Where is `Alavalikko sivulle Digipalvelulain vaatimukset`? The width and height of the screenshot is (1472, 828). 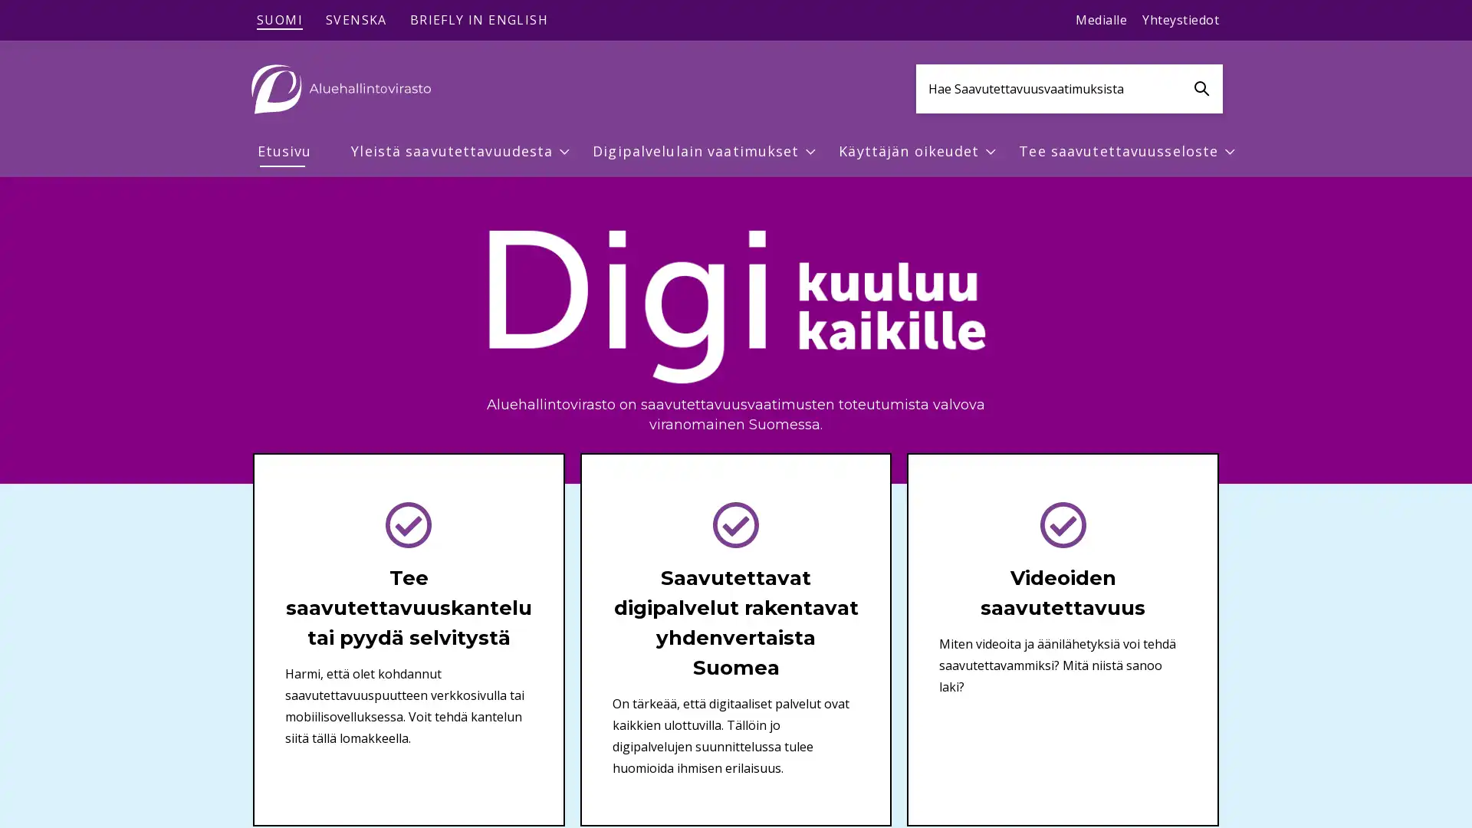
Alavalikko sivulle Digipalvelulain vaatimukset is located at coordinates (810, 151).